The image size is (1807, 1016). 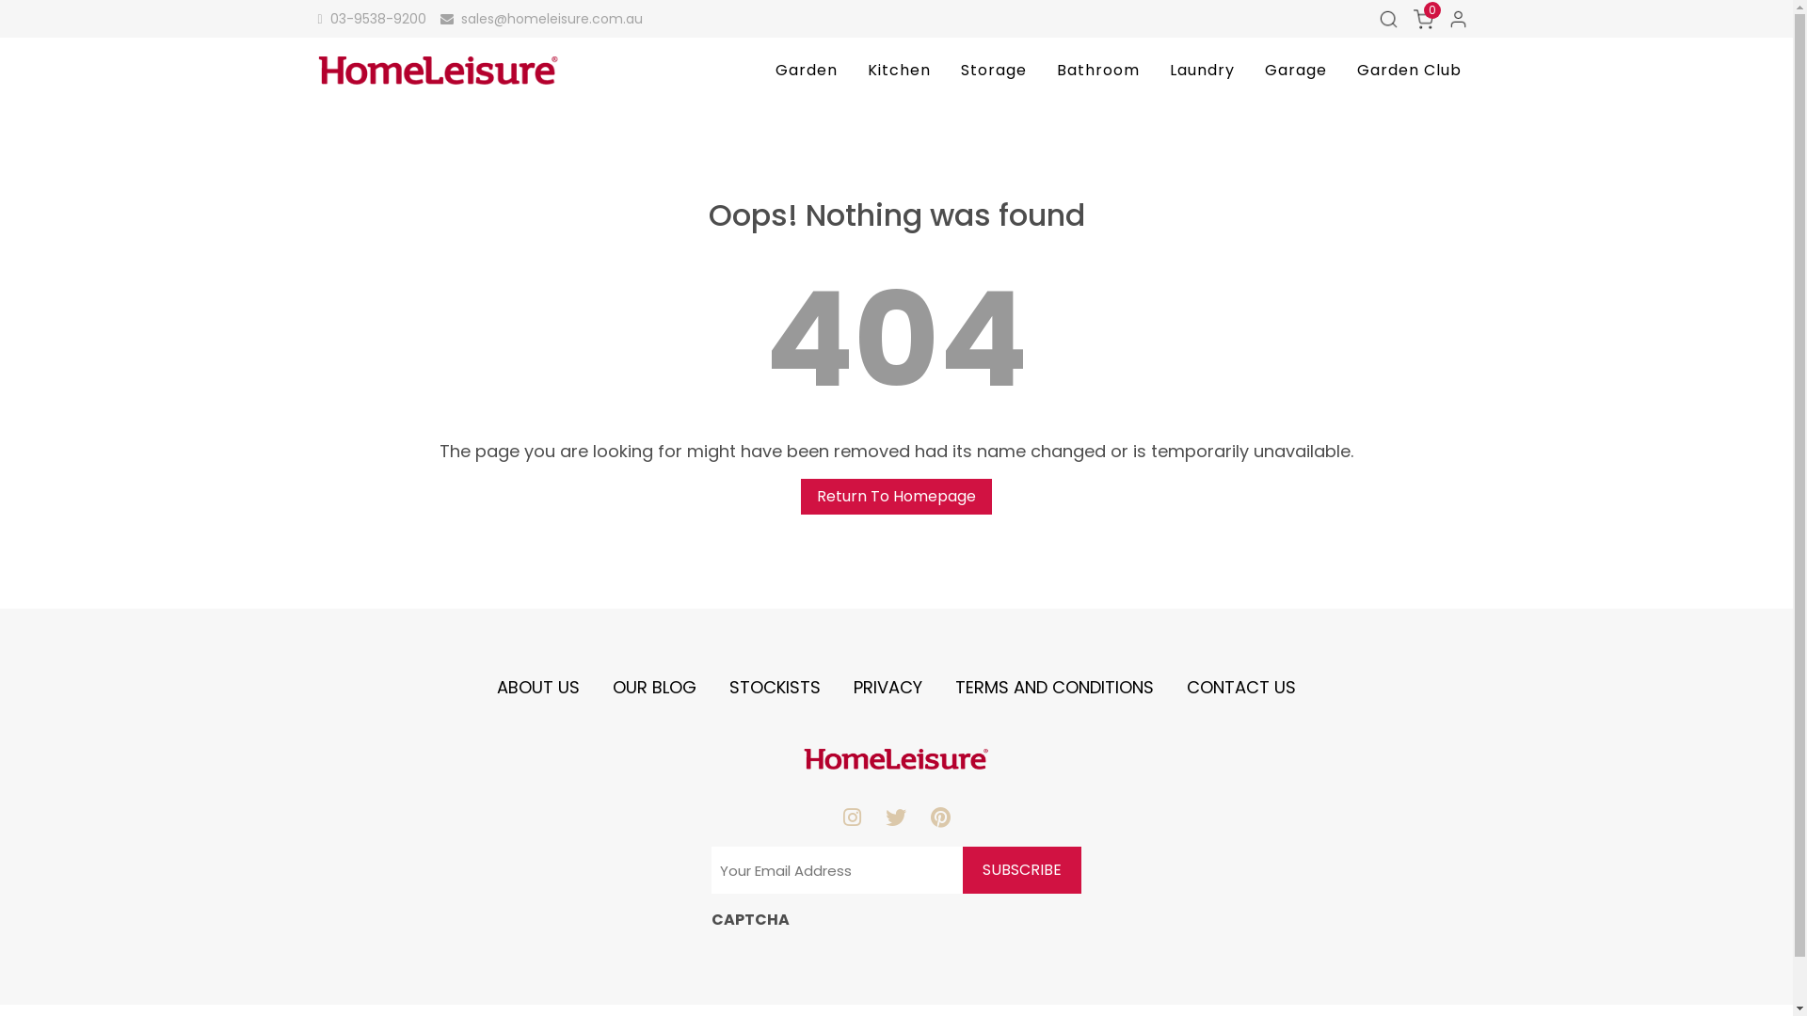 I want to click on 'Bathroom', so click(x=1097, y=69).